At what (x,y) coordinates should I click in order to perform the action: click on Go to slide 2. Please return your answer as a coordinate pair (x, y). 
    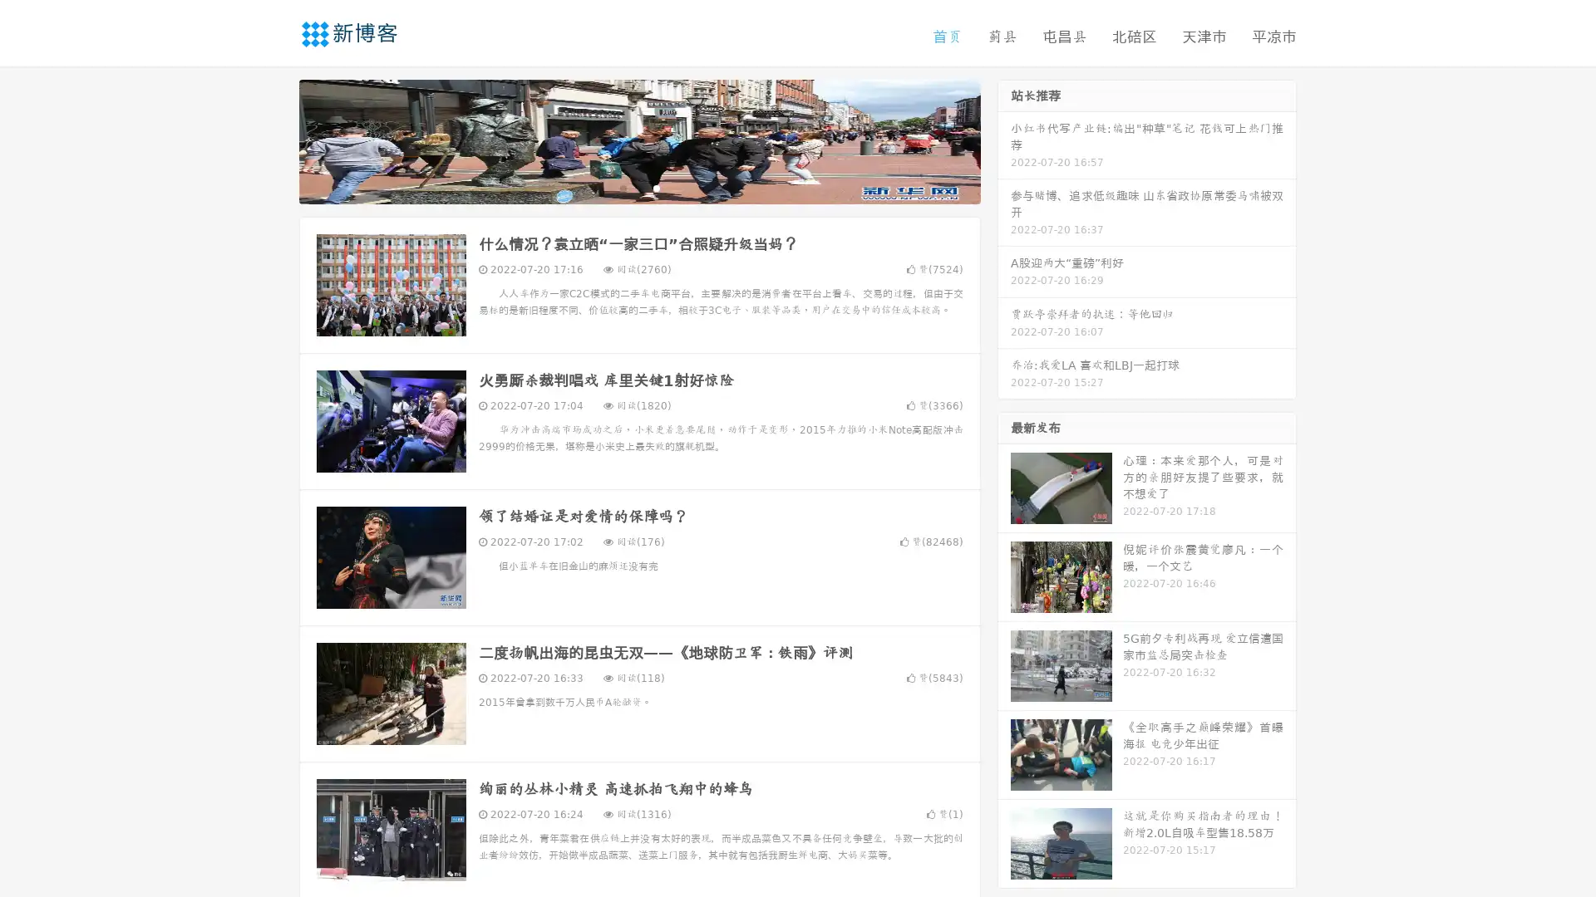
    Looking at the image, I should click on (638, 187).